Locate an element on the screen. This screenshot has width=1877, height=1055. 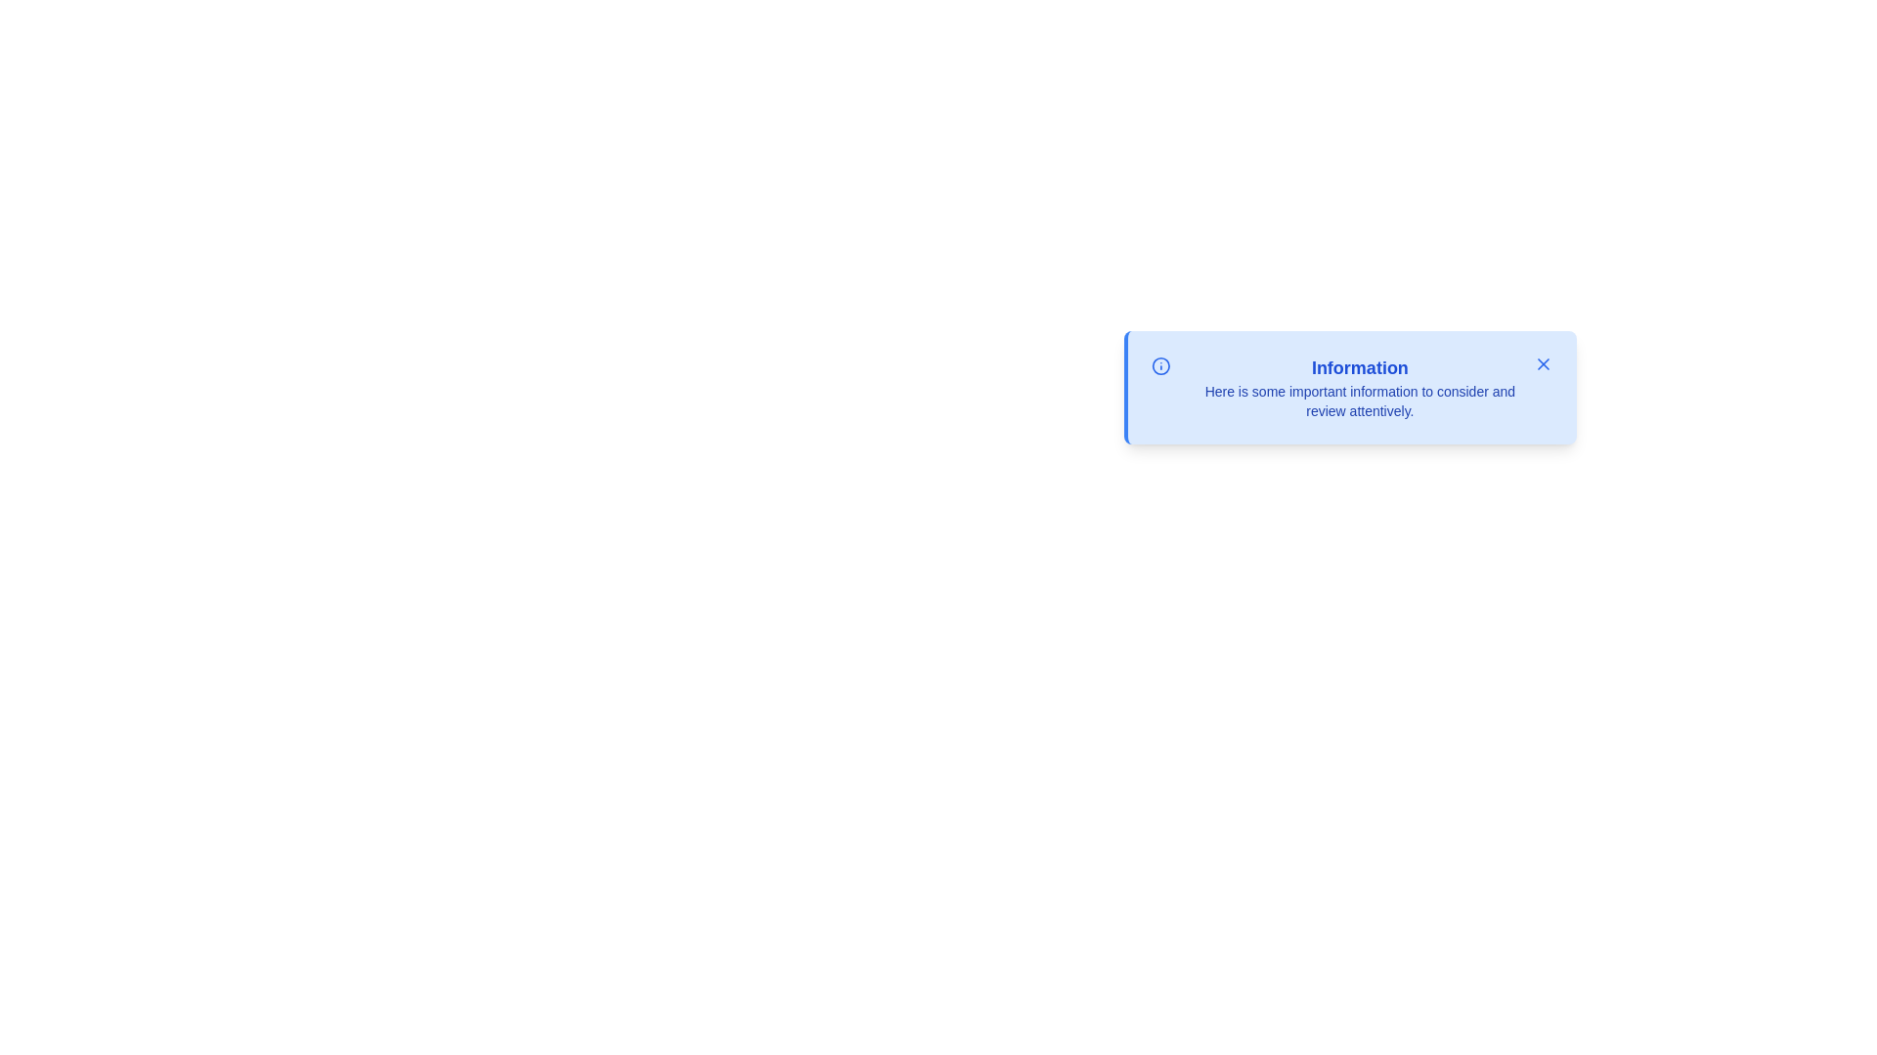
the 'close' button to dismiss the alert is located at coordinates (1543, 364).